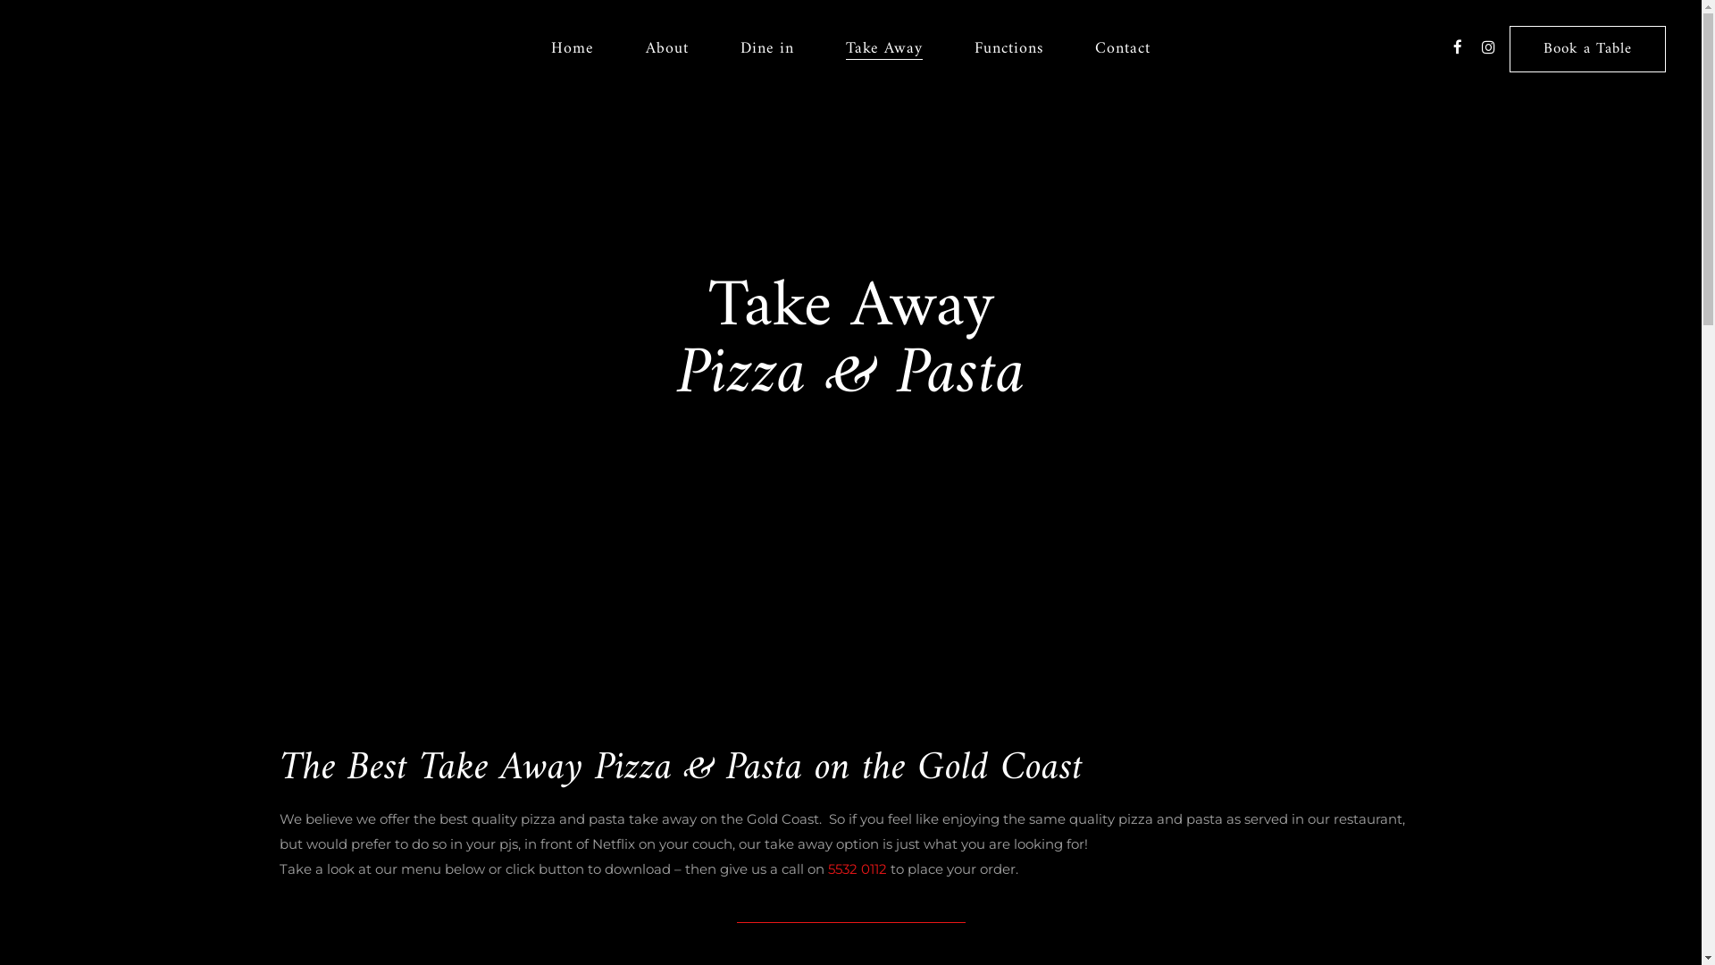 The image size is (1715, 965). Describe the element at coordinates (883, 47) in the screenshot. I see `'Take Away'` at that location.